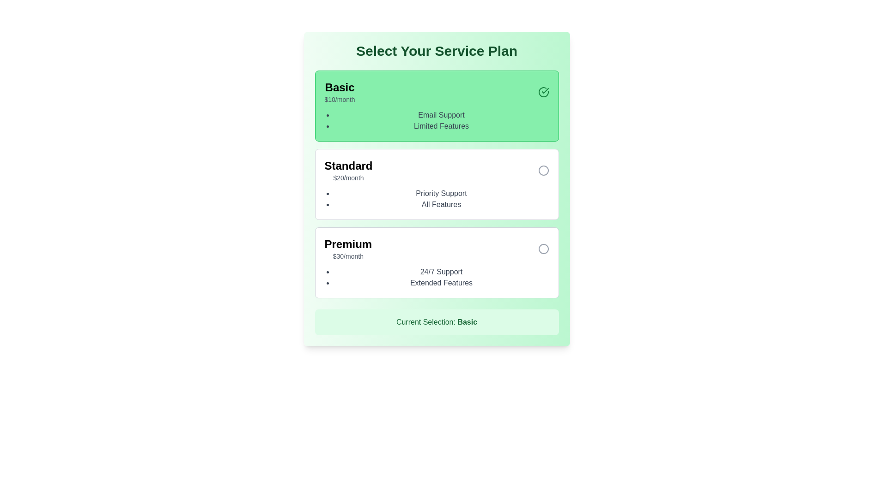 The height and width of the screenshot is (498, 887). What do you see at coordinates (339, 92) in the screenshot?
I see `text content of the 'Basic' pricing card text block, which includes 'Basic' in a large, bold font and '$10/month' in a smaller, gray font, located at the top-center of the green background` at bounding box center [339, 92].